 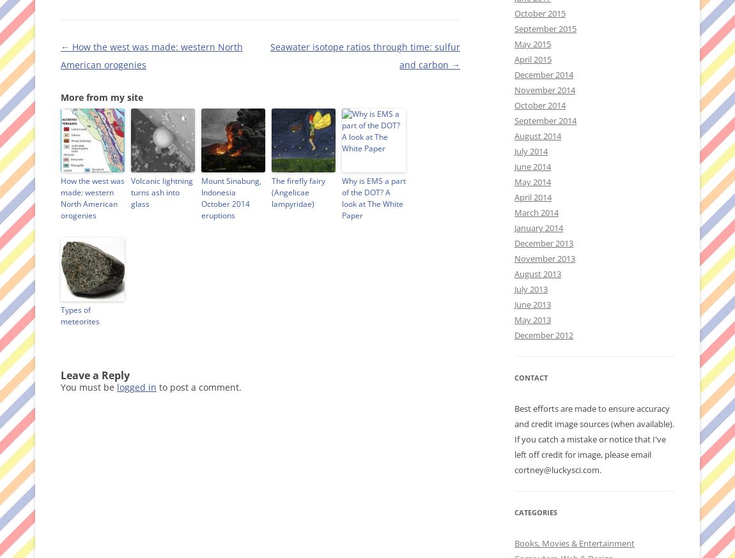 What do you see at coordinates (536, 211) in the screenshot?
I see `'March 2014'` at bounding box center [536, 211].